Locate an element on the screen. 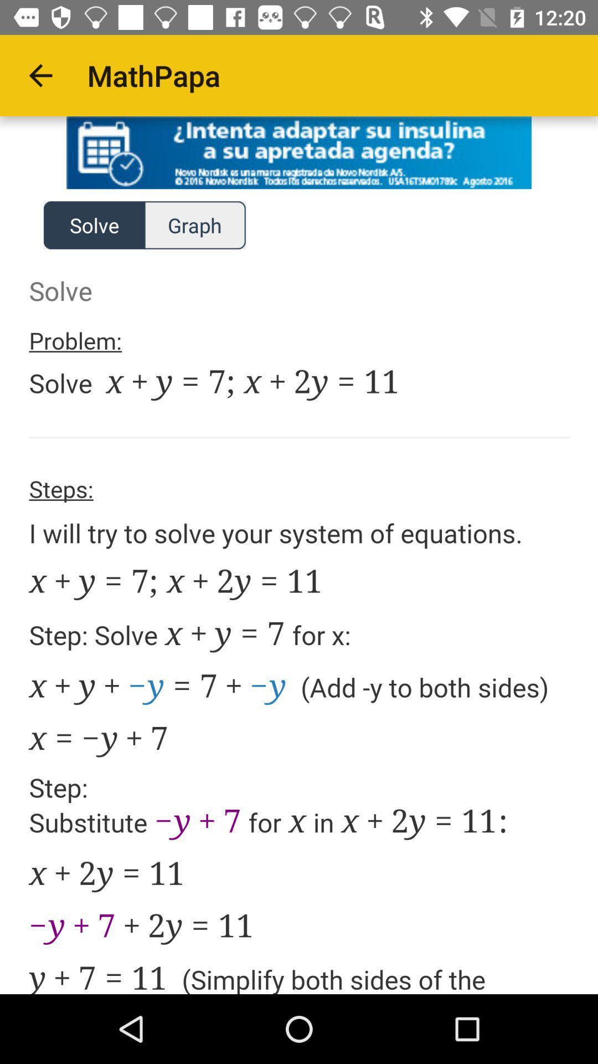 The height and width of the screenshot is (1064, 598). click advertisement is located at coordinates (299, 152).